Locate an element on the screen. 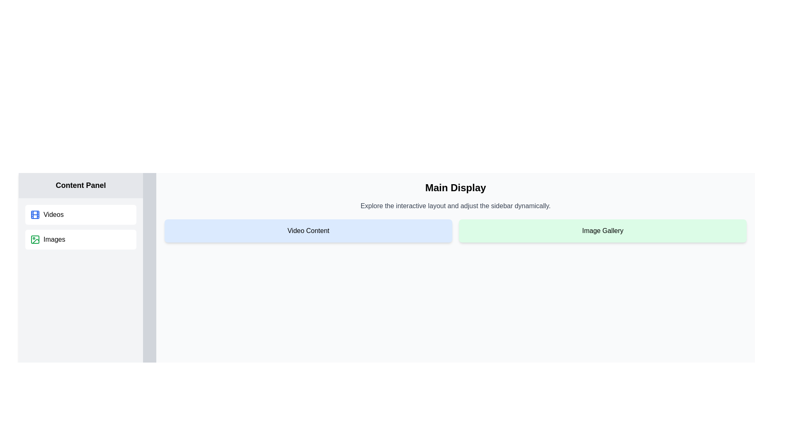  the 'Image Gallery' button, which is a rectangular component with rounded corners and a light green background is located at coordinates (603, 231).